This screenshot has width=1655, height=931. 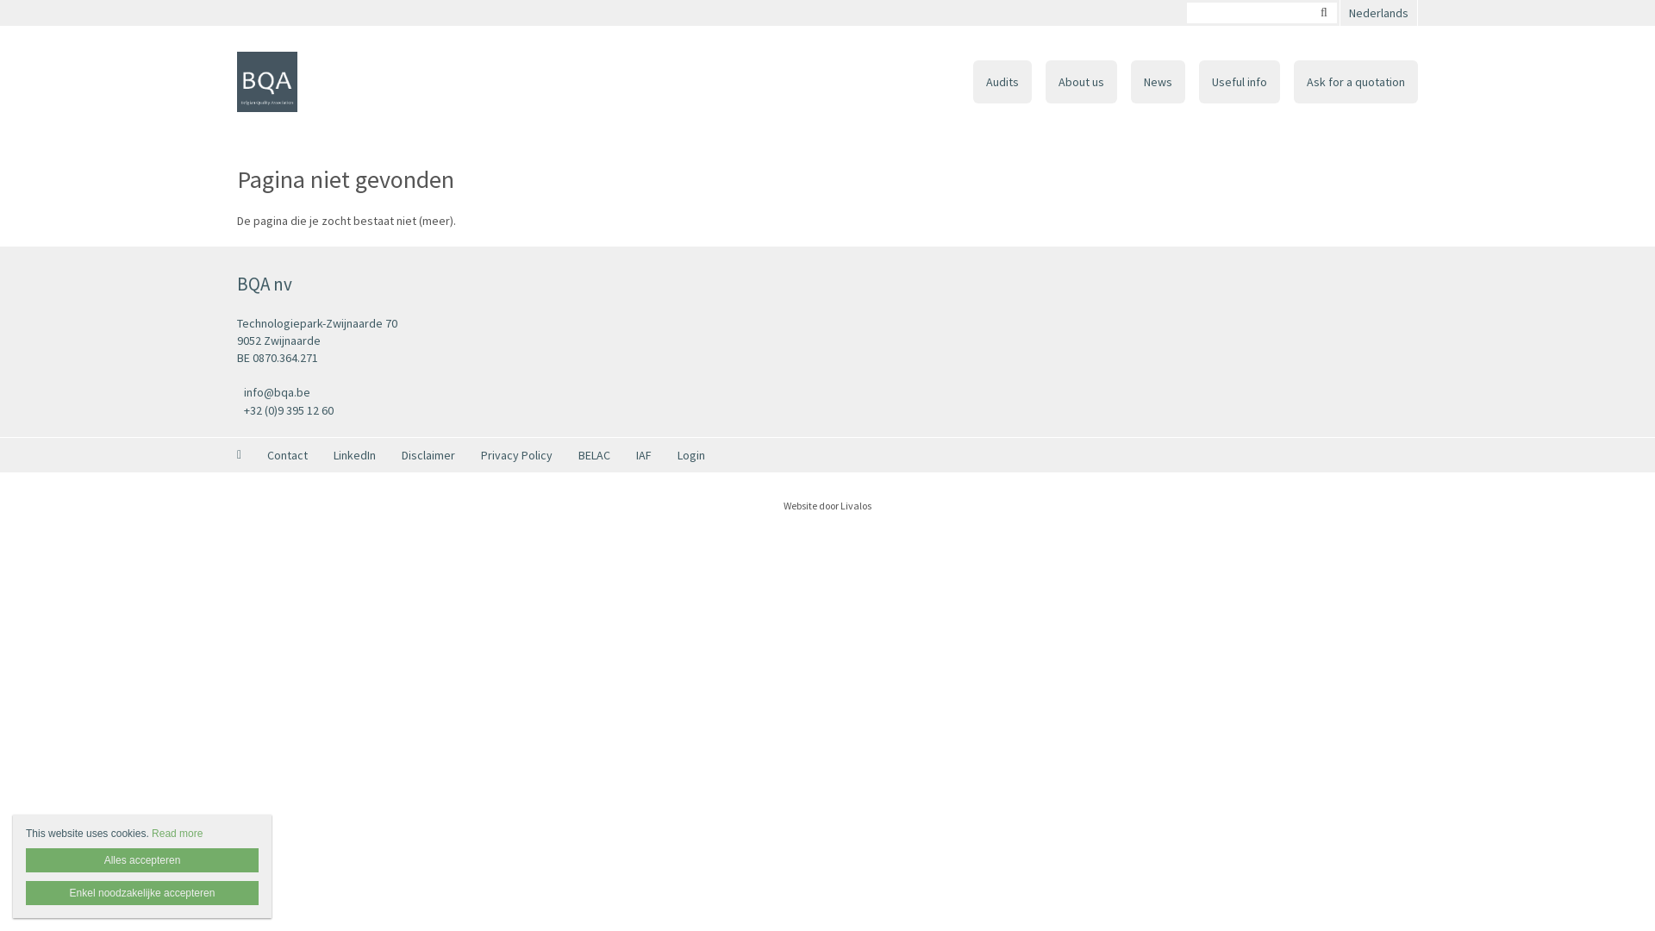 What do you see at coordinates (1002, 82) in the screenshot?
I see `'Audits'` at bounding box center [1002, 82].